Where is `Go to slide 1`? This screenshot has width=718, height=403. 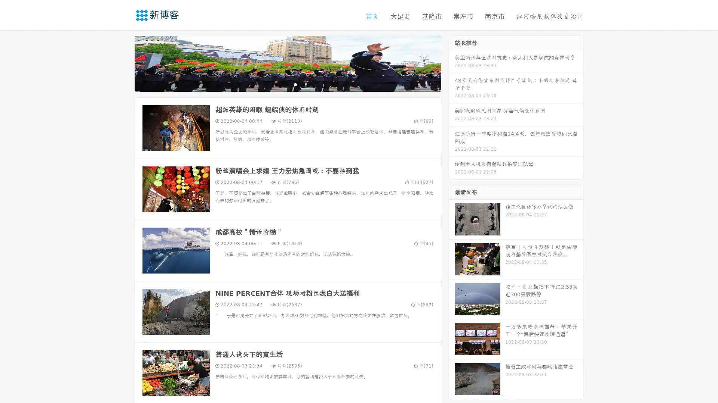
Go to slide 1 is located at coordinates (280, 84).